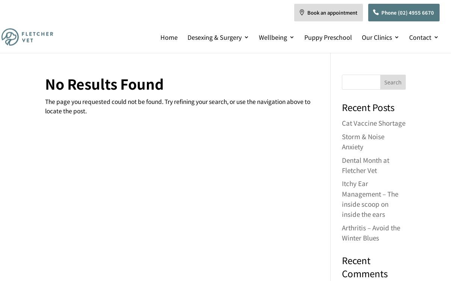 The width and height of the screenshot is (452, 281). Describe the element at coordinates (370, 231) in the screenshot. I see `'Arthritis – Avoid the Winter Blues'` at that location.